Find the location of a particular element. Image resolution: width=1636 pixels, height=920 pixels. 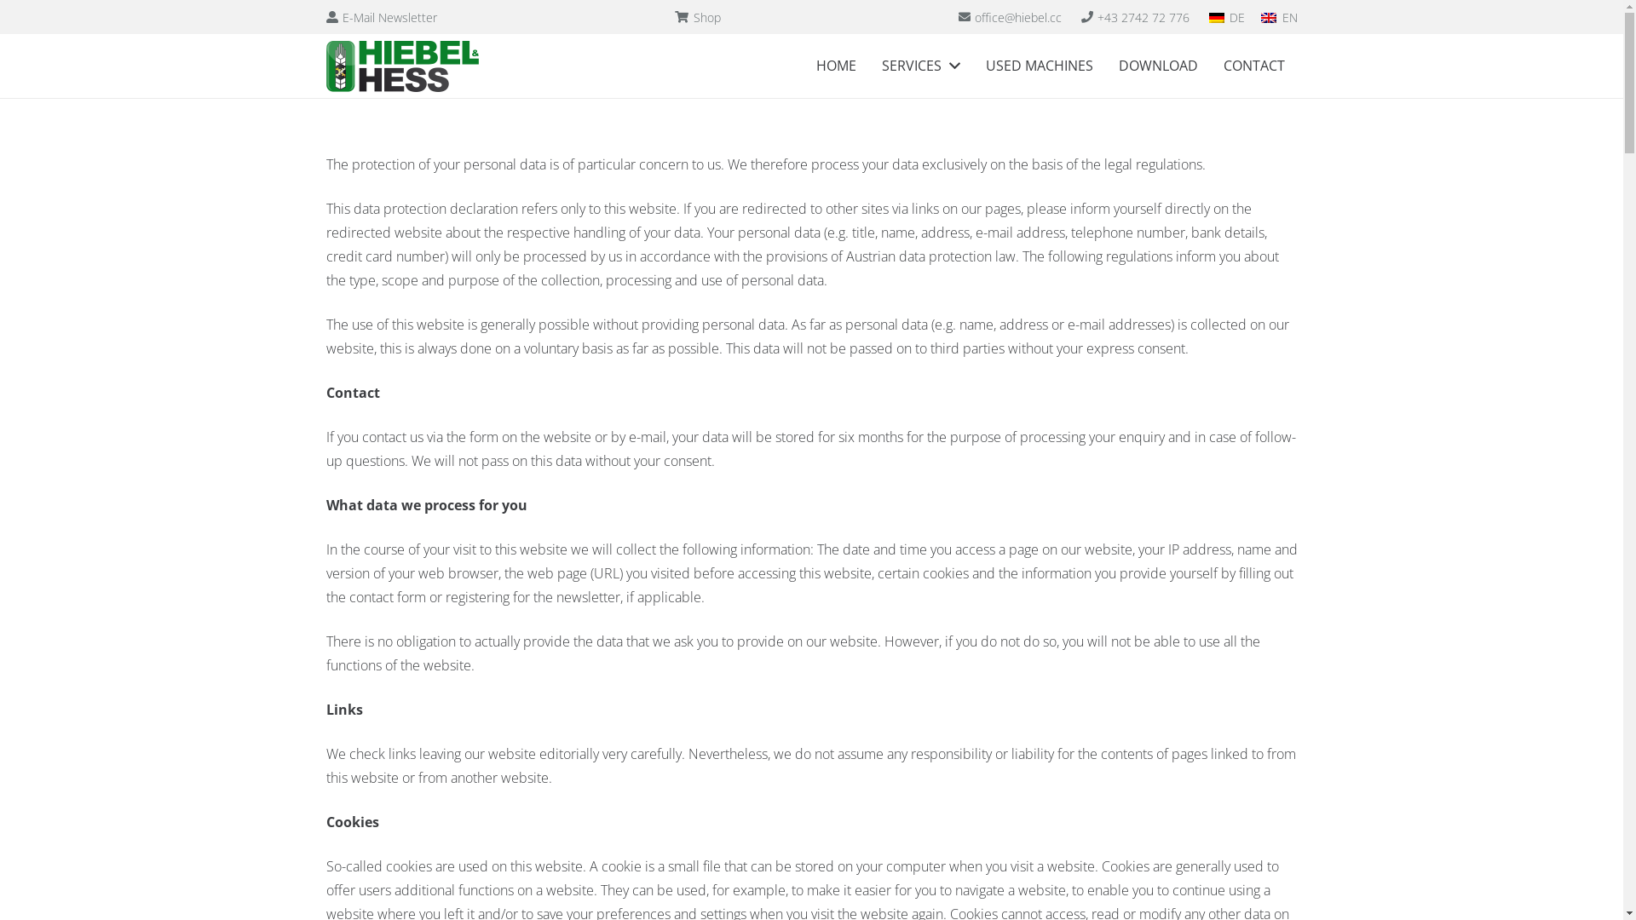

'E-Mail Newsletter' is located at coordinates (380, 16).